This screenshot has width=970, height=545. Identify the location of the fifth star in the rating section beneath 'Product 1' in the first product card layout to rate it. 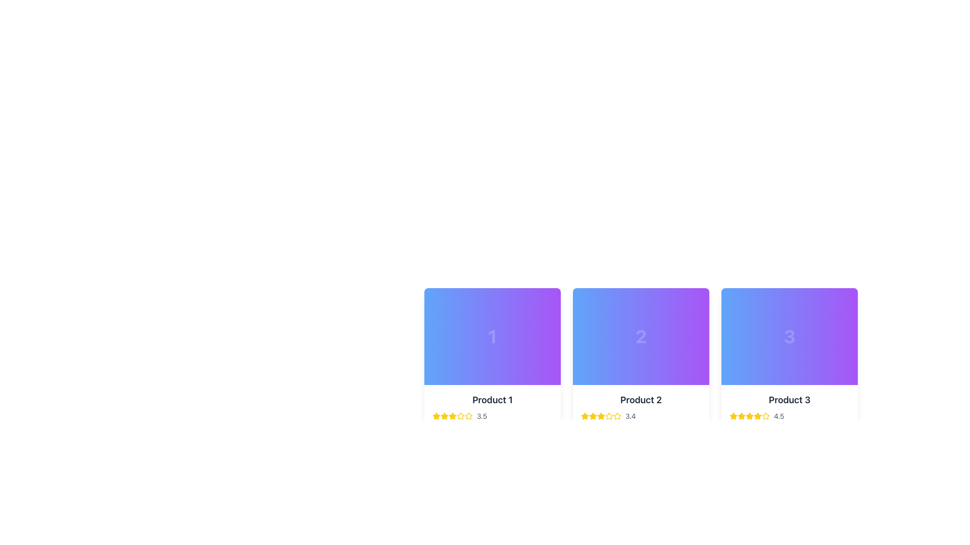
(460, 416).